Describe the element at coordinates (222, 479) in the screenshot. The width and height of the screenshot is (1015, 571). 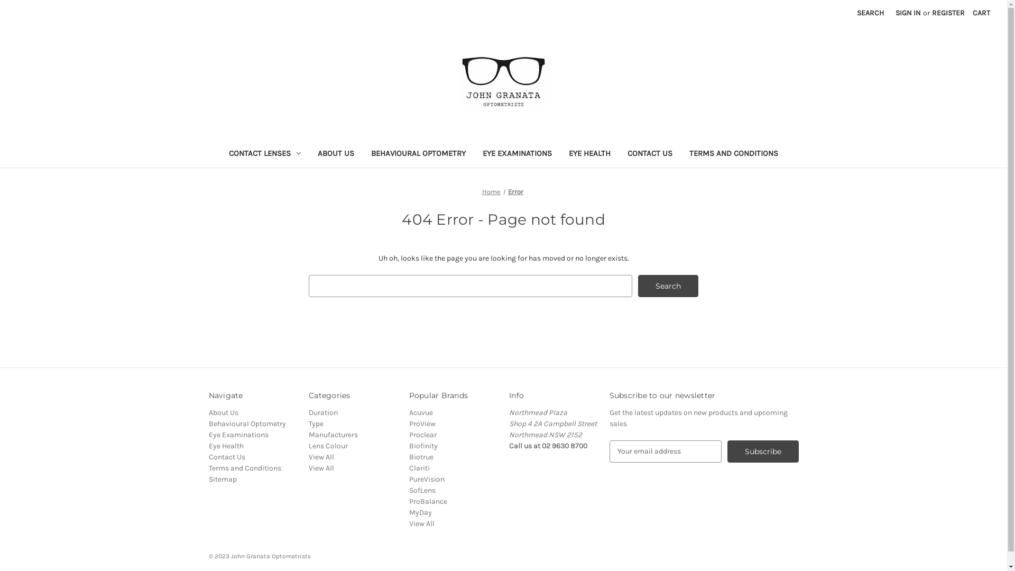
I see `'Sitemap'` at that location.